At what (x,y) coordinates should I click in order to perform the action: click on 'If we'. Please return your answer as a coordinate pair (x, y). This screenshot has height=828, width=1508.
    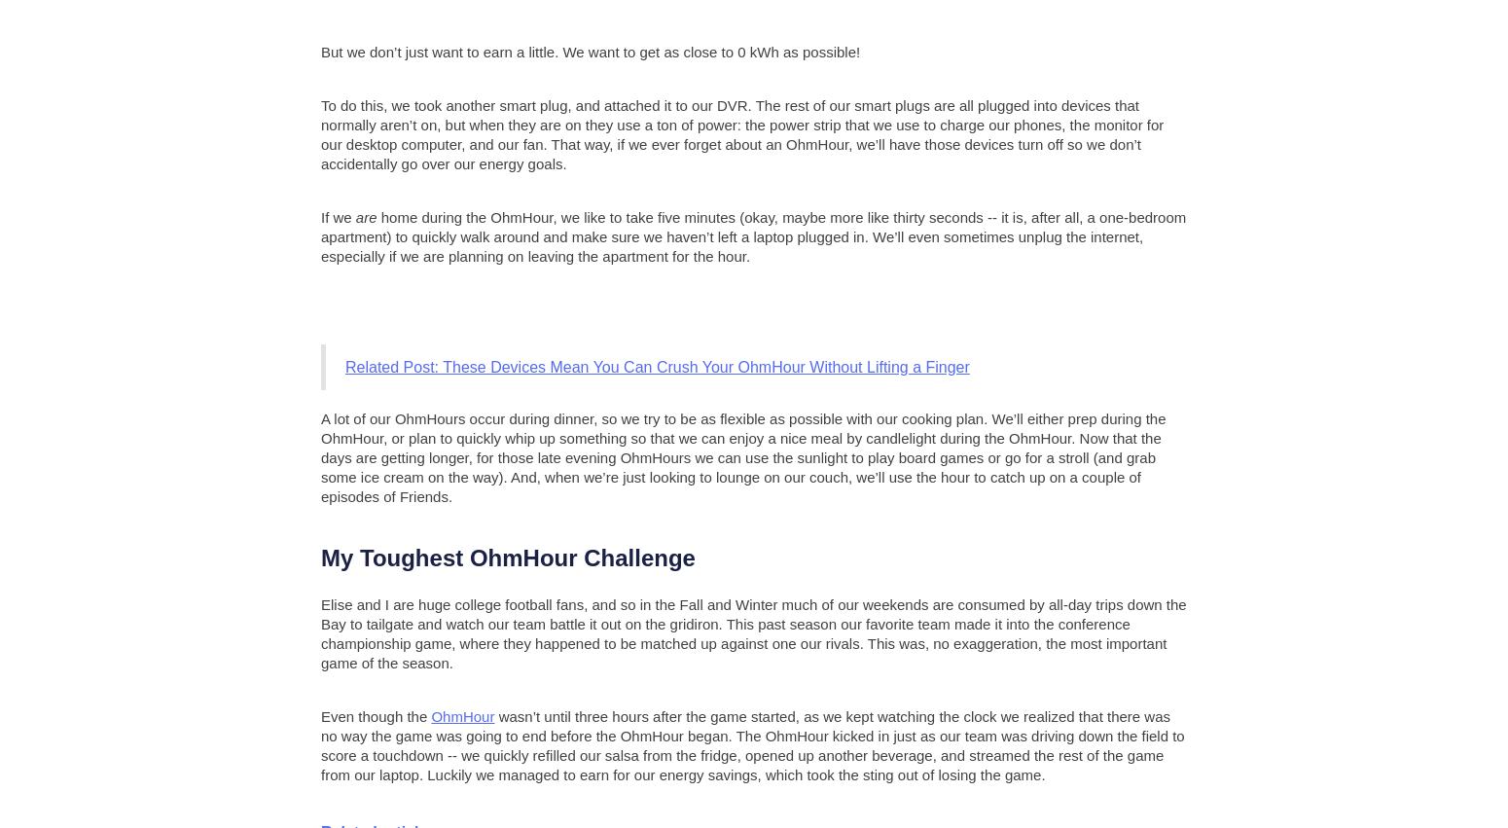
    Looking at the image, I should click on (337, 216).